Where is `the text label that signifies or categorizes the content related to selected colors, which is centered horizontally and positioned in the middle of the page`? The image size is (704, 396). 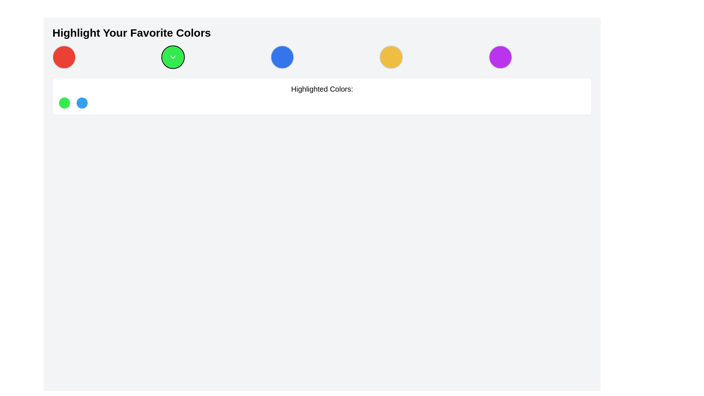 the text label that signifies or categorizes the content related to selected colors, which is centered horizontally and positioned in the middle of the page is located at coordinates (322, 89).